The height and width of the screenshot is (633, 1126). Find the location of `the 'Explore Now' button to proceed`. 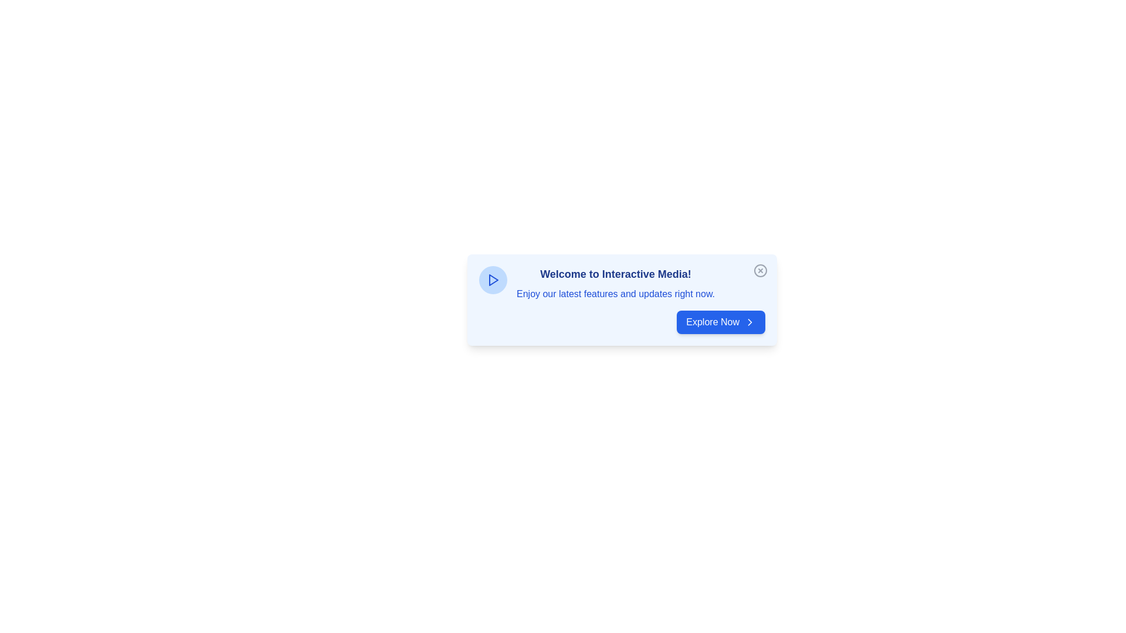

the 'Explore Now' button to proceed is located at coordinates (720, 322).